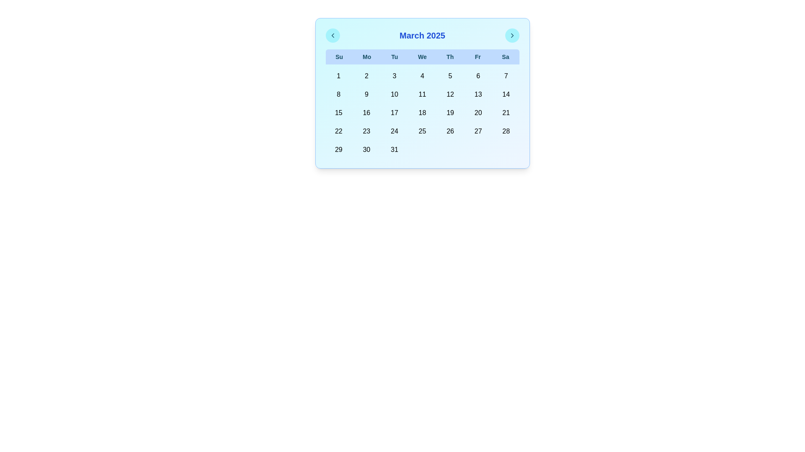 This screenshot has width=805, height=452. What do you see at coordinates (422, 93) in the screenshot?
I see `a date in the Calendar component, which displays 'March 2025' at the top and has a grid layout for the month's dates` at bounding box center [422, 93].